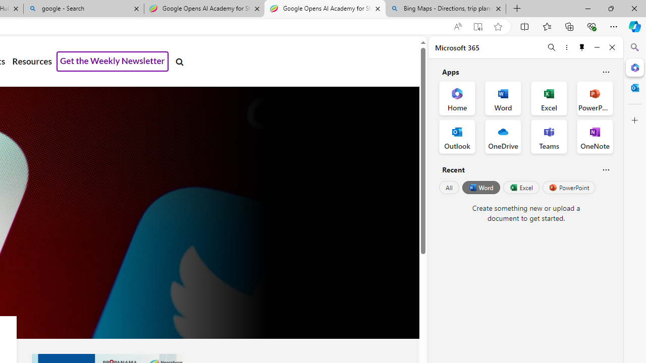 The width and height of the screenshot is (646, 363). Describe the element at coordinates (525, 26) in the screenshot. I see `'Split screen'` at that location.